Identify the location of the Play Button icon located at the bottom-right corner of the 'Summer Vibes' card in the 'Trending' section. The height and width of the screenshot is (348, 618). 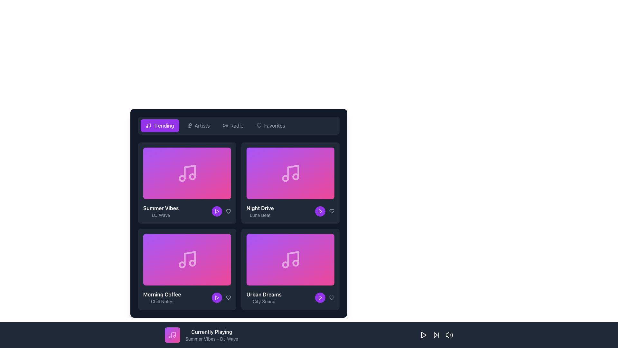
(217, 211).